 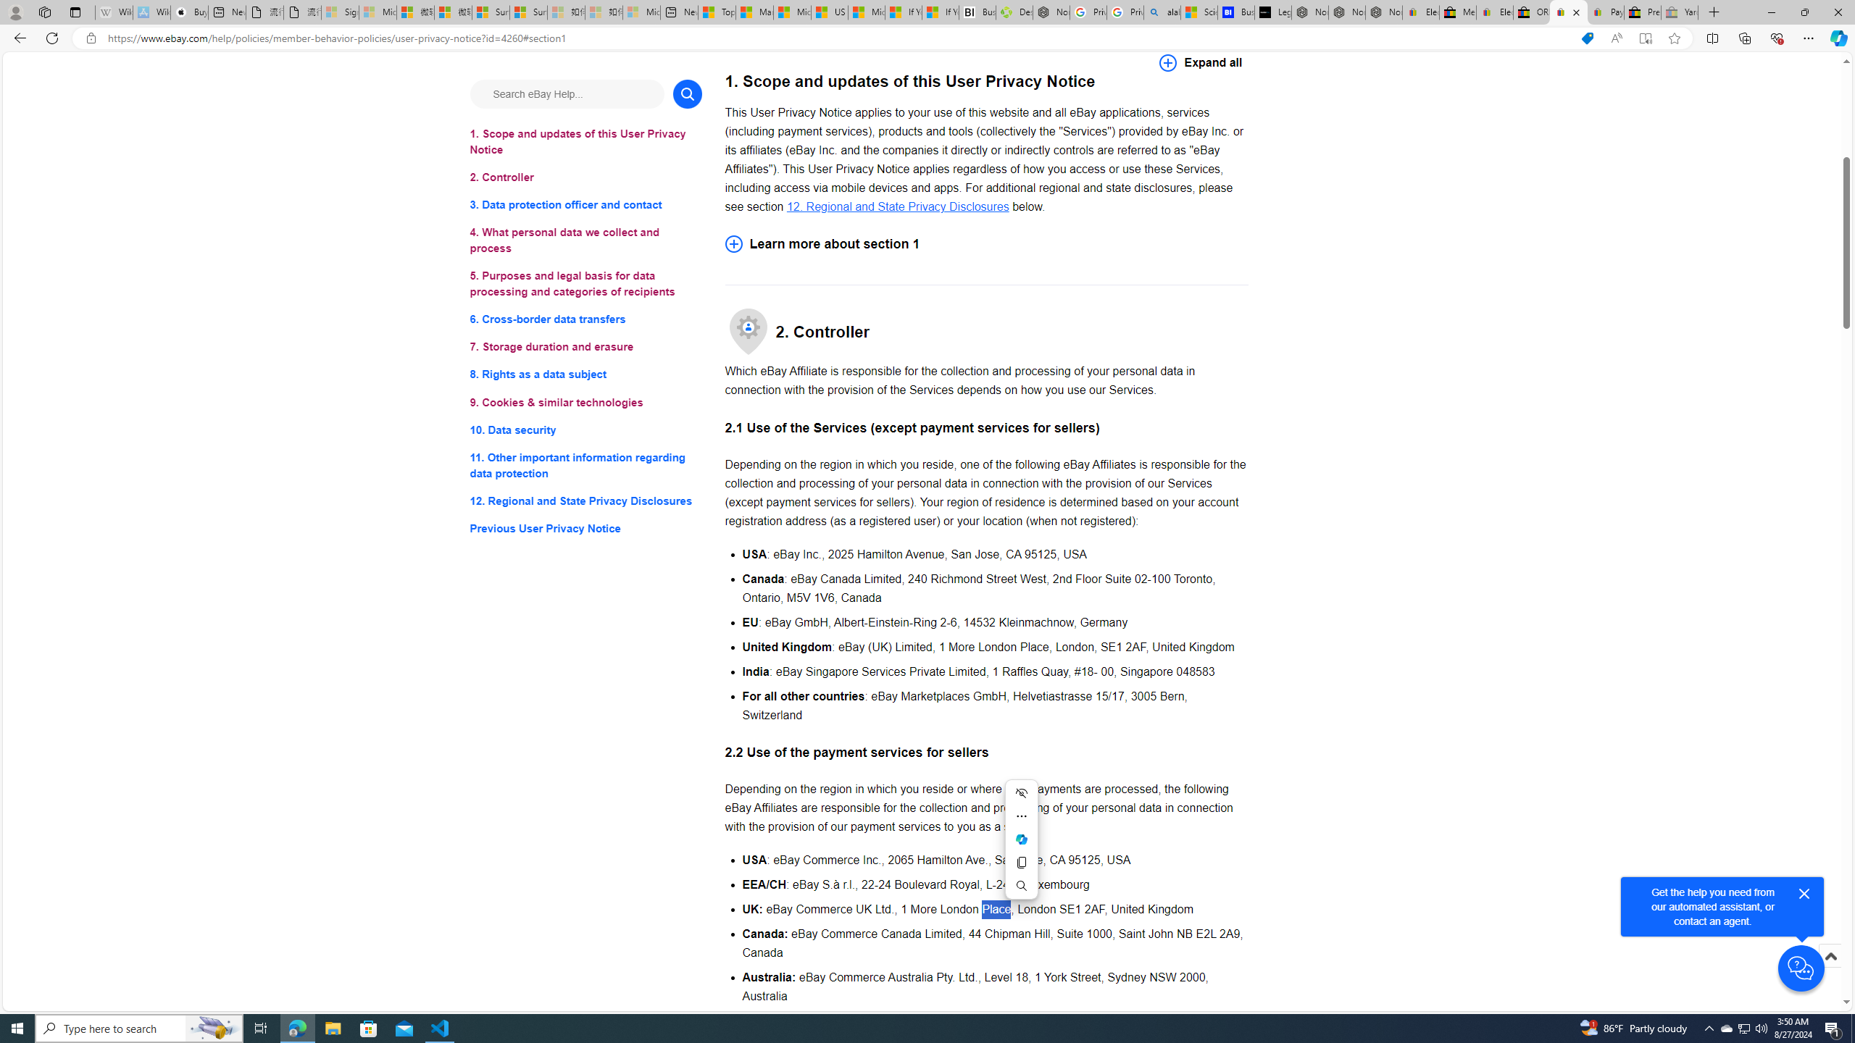 What do you see at coordinates (753, 12) in the screenshot?
I see `'Marine life - MSN'` at bounding box center [753, 12].